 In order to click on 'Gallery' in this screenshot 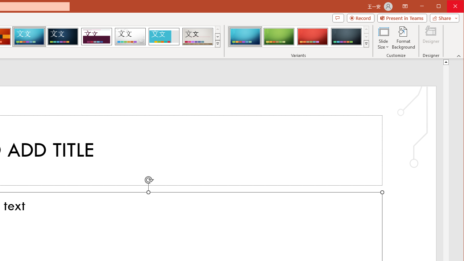, I will do `click(198, 36)`.